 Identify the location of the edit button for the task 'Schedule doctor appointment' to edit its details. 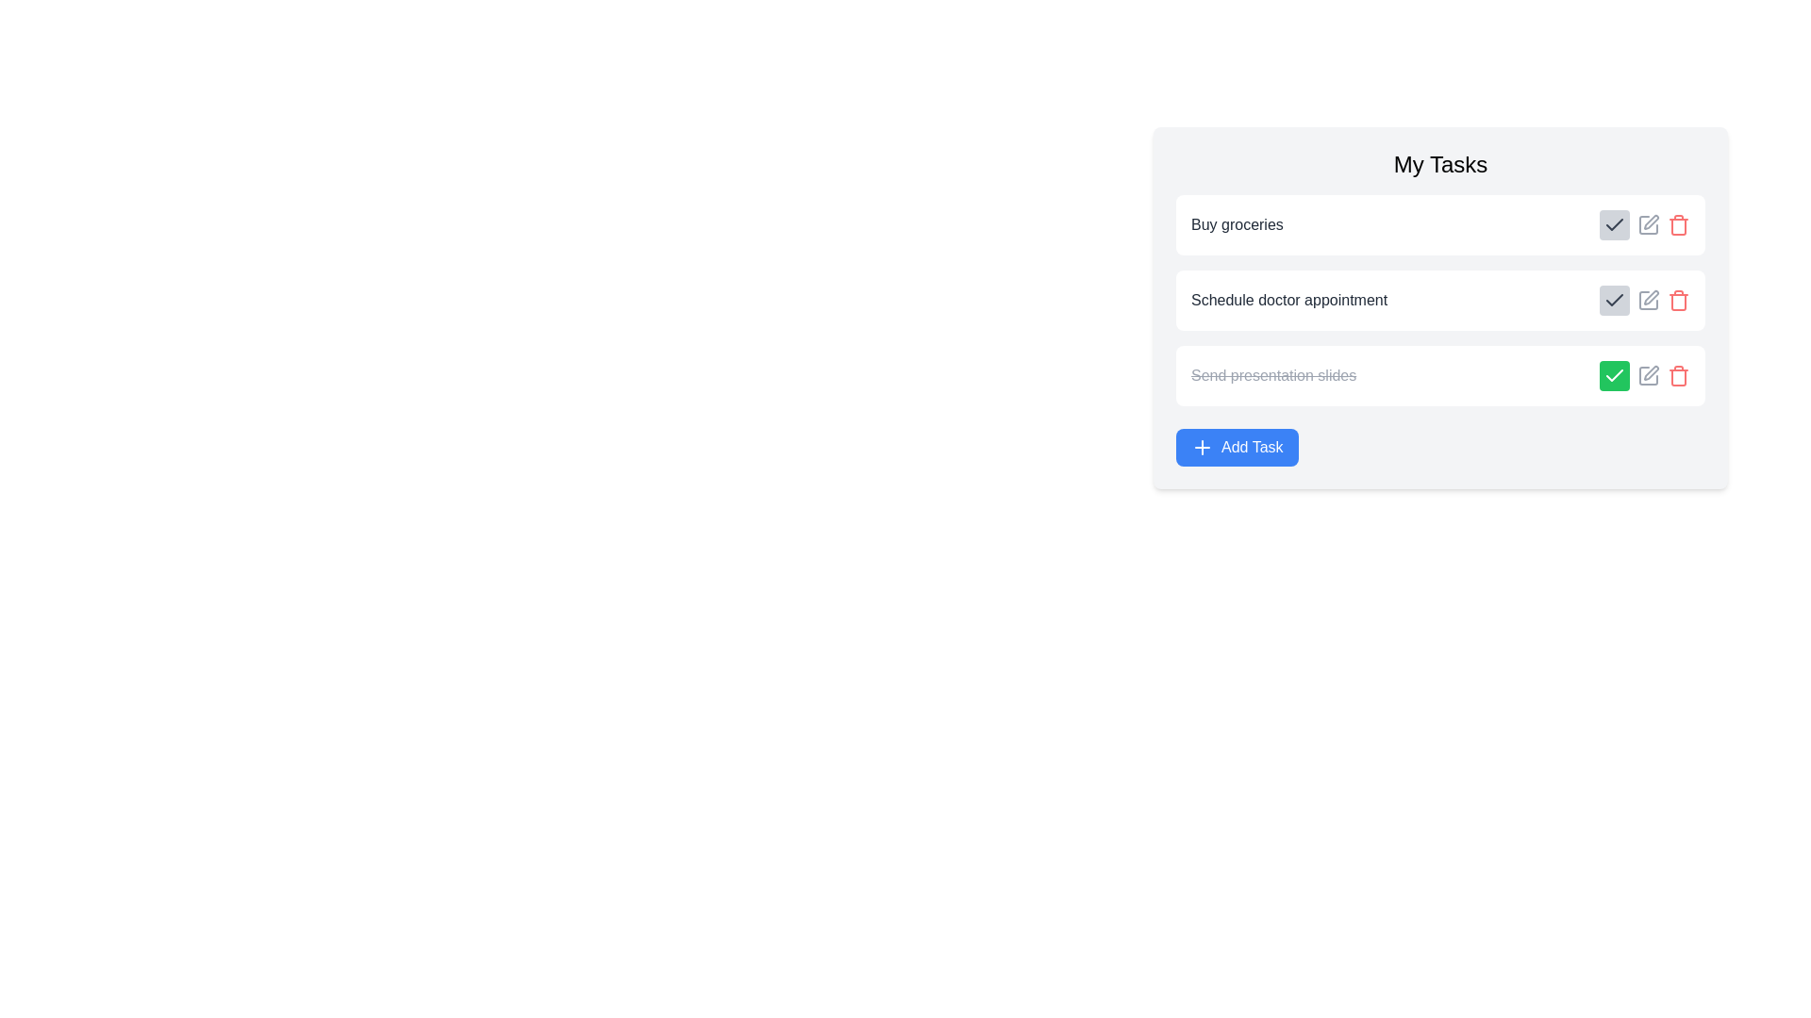
(1647, 300).